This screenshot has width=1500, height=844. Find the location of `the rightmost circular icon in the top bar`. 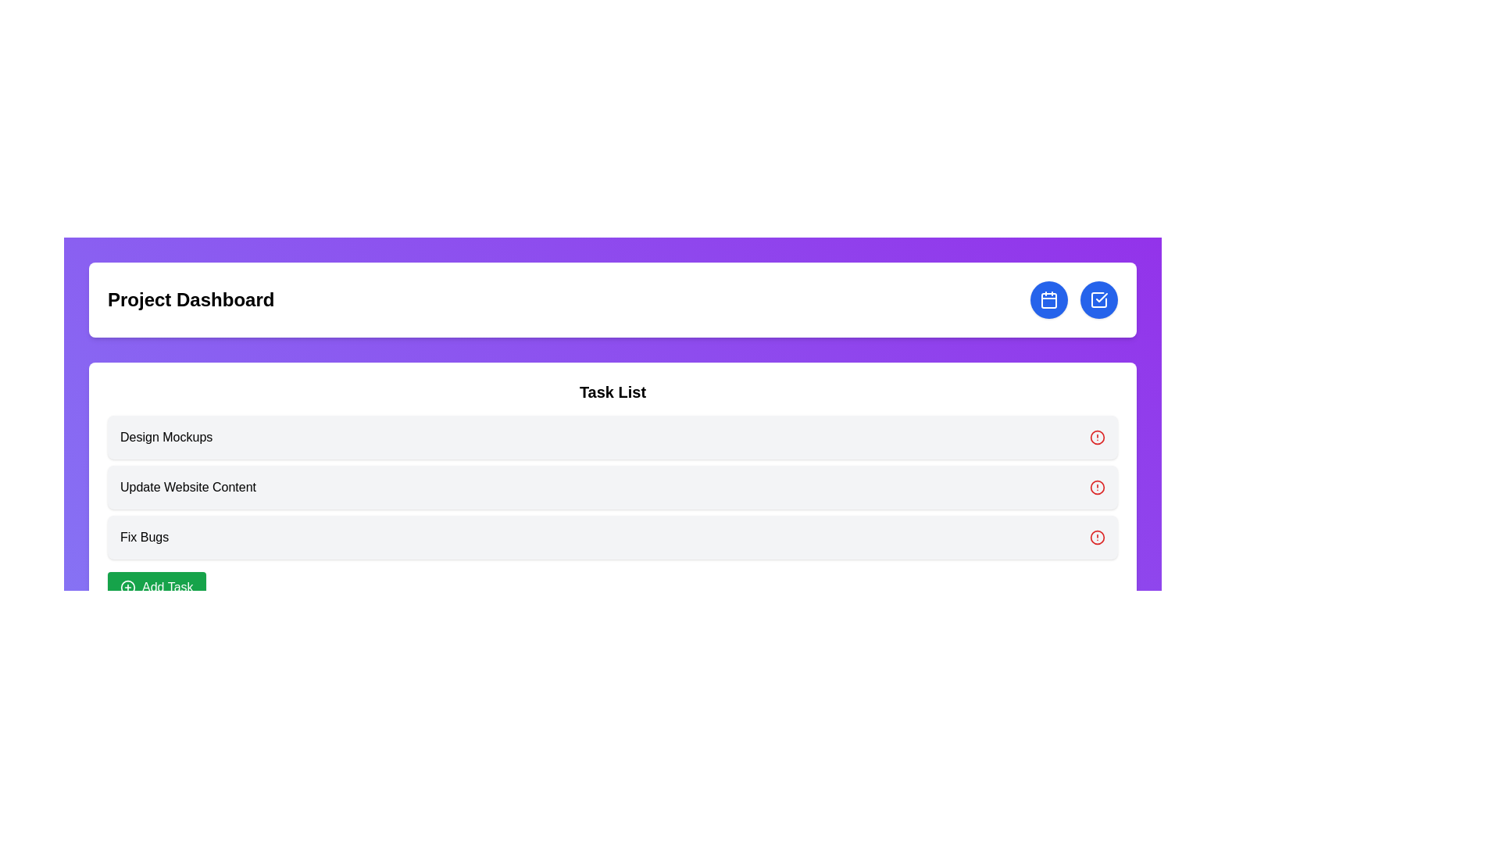

the rightmost circular icon in the top bar is located at coordinates (1098, 300).